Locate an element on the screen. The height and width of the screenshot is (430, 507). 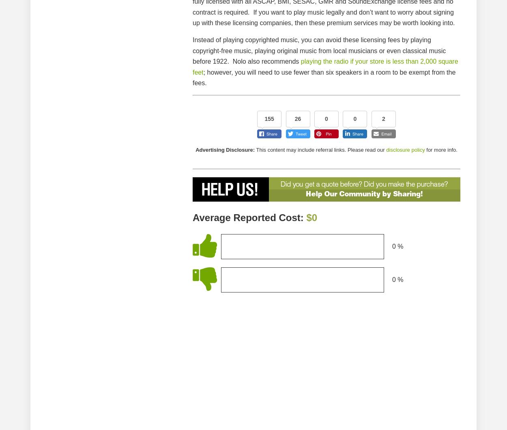
'Average Reported Cost:' is located at coordinates (249, 217).